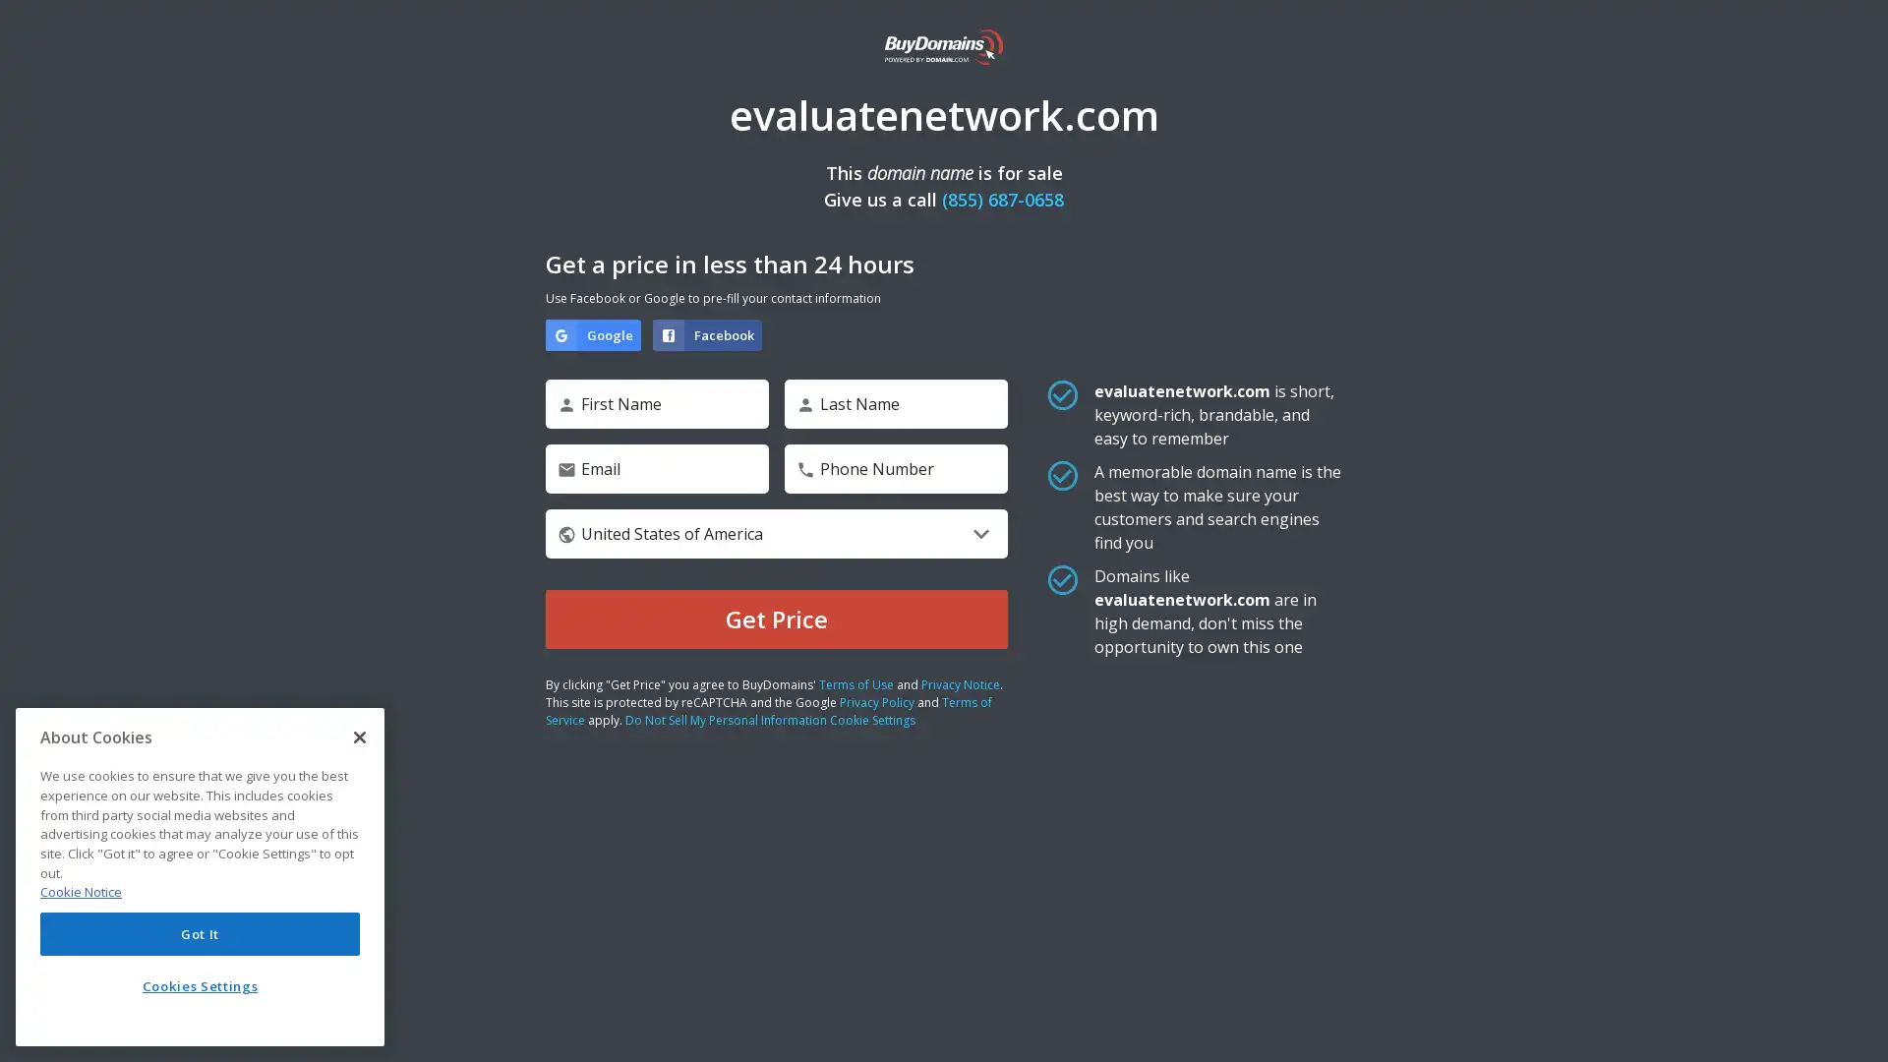 This screenshot has height=1062, width=1888. I want to click on Got It, so click(200, 932).